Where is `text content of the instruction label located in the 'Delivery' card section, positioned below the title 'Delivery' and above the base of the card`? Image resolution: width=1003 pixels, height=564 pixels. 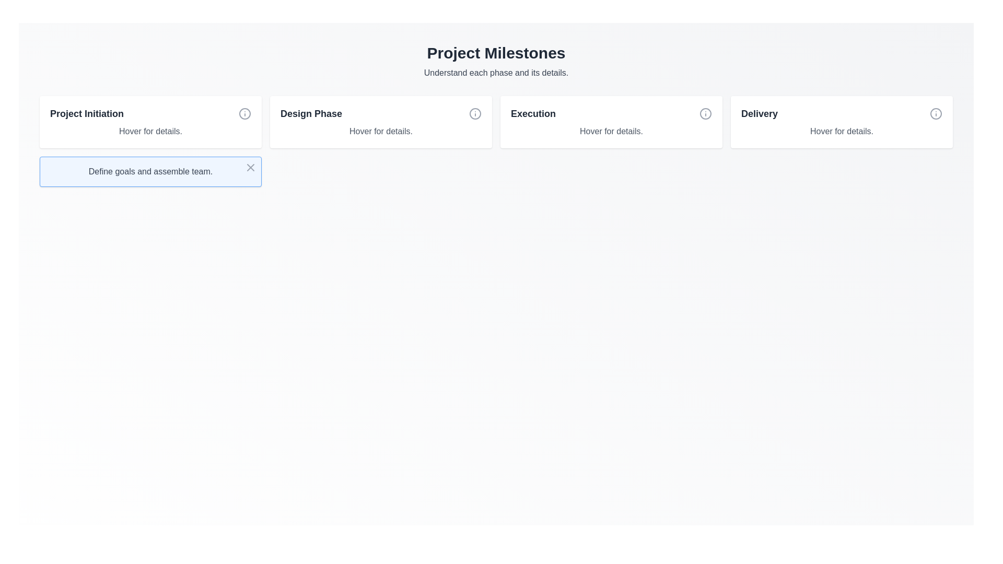 text content of the instruction label located in the 'Delivery' card section, positioned below the title 'Delivery' and above the base of the card is located at coordinates (842, 131).